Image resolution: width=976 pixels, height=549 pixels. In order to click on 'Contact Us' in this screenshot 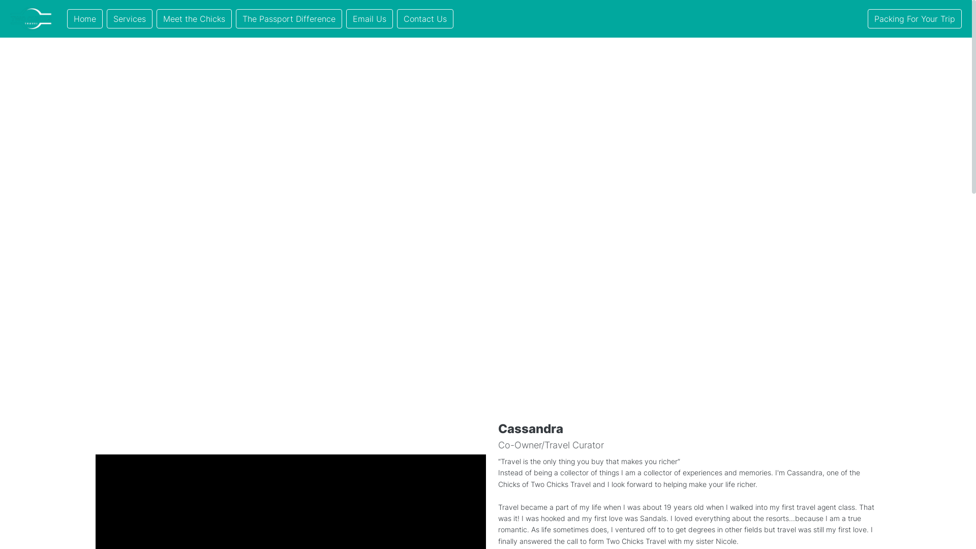, I will do `click(396, 19)`.